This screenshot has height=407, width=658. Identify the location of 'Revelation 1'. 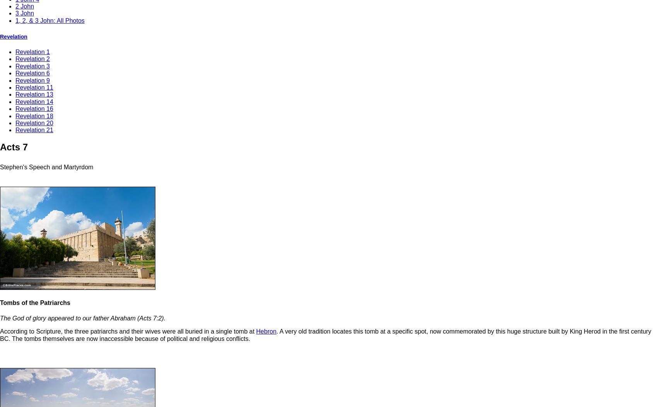
(32, 52).